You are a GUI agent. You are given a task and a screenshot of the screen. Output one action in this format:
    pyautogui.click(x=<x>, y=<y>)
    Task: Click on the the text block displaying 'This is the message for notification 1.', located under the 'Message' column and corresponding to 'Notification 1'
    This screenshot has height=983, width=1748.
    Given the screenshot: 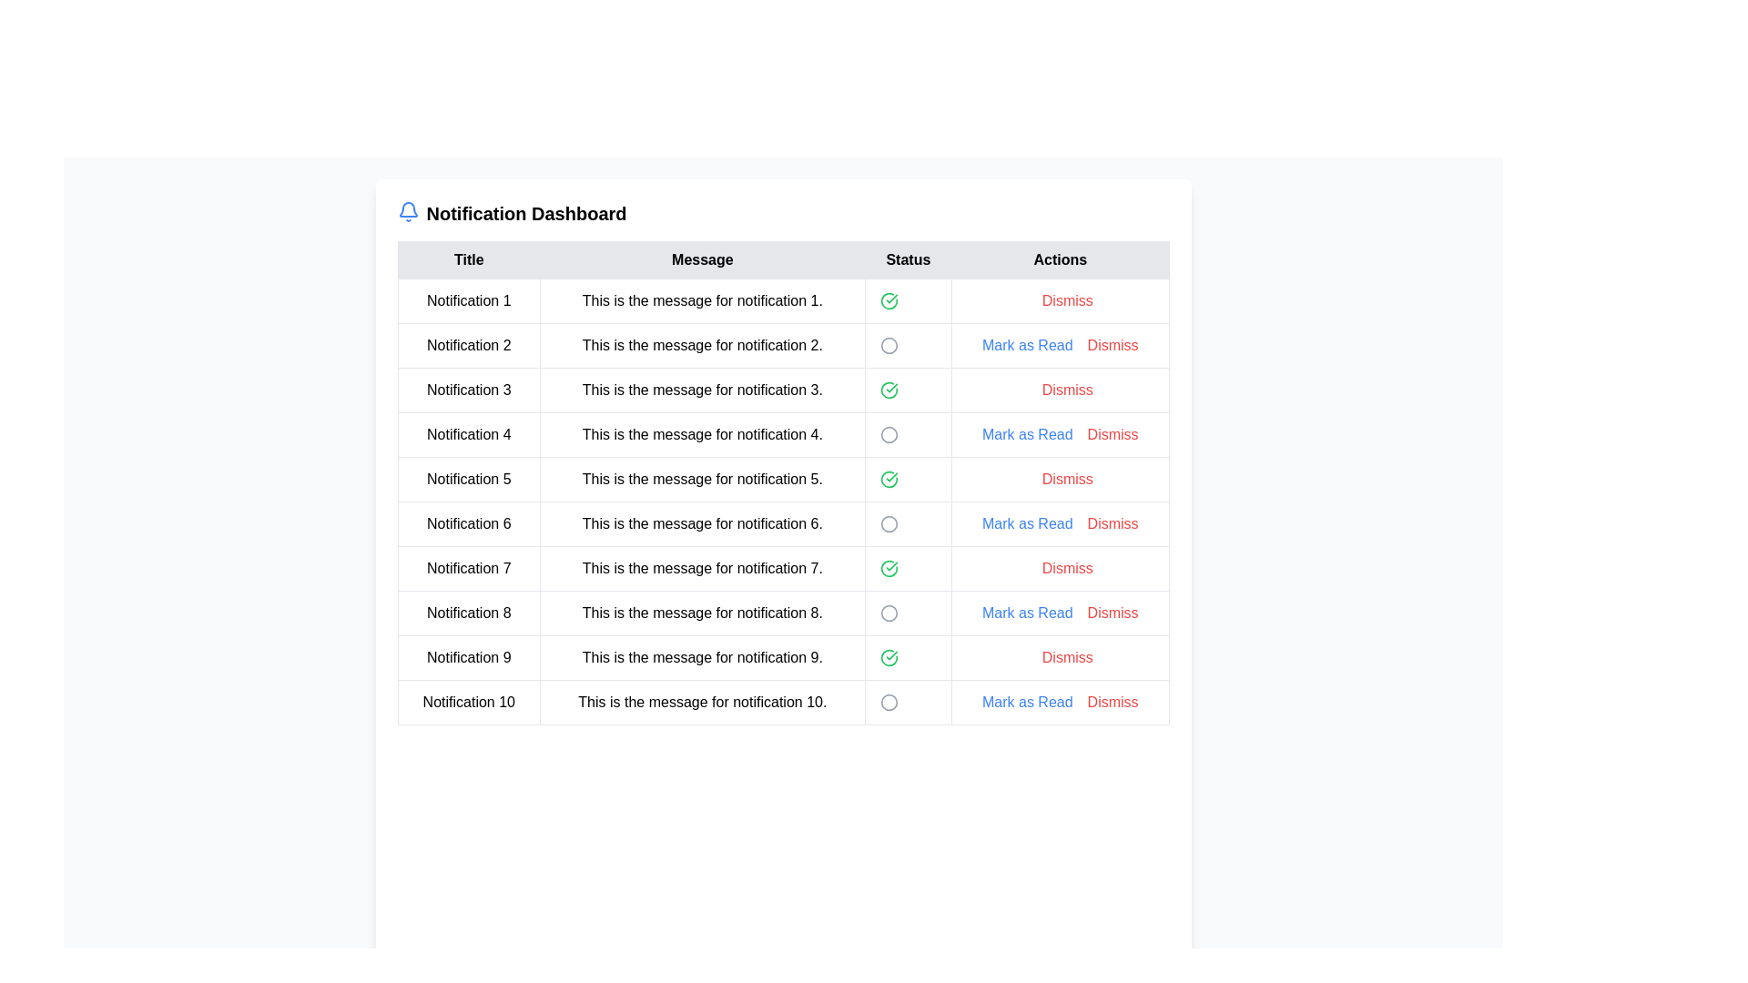 What is the action you would take?
    pyautogui.click(x=701, y=300)
    